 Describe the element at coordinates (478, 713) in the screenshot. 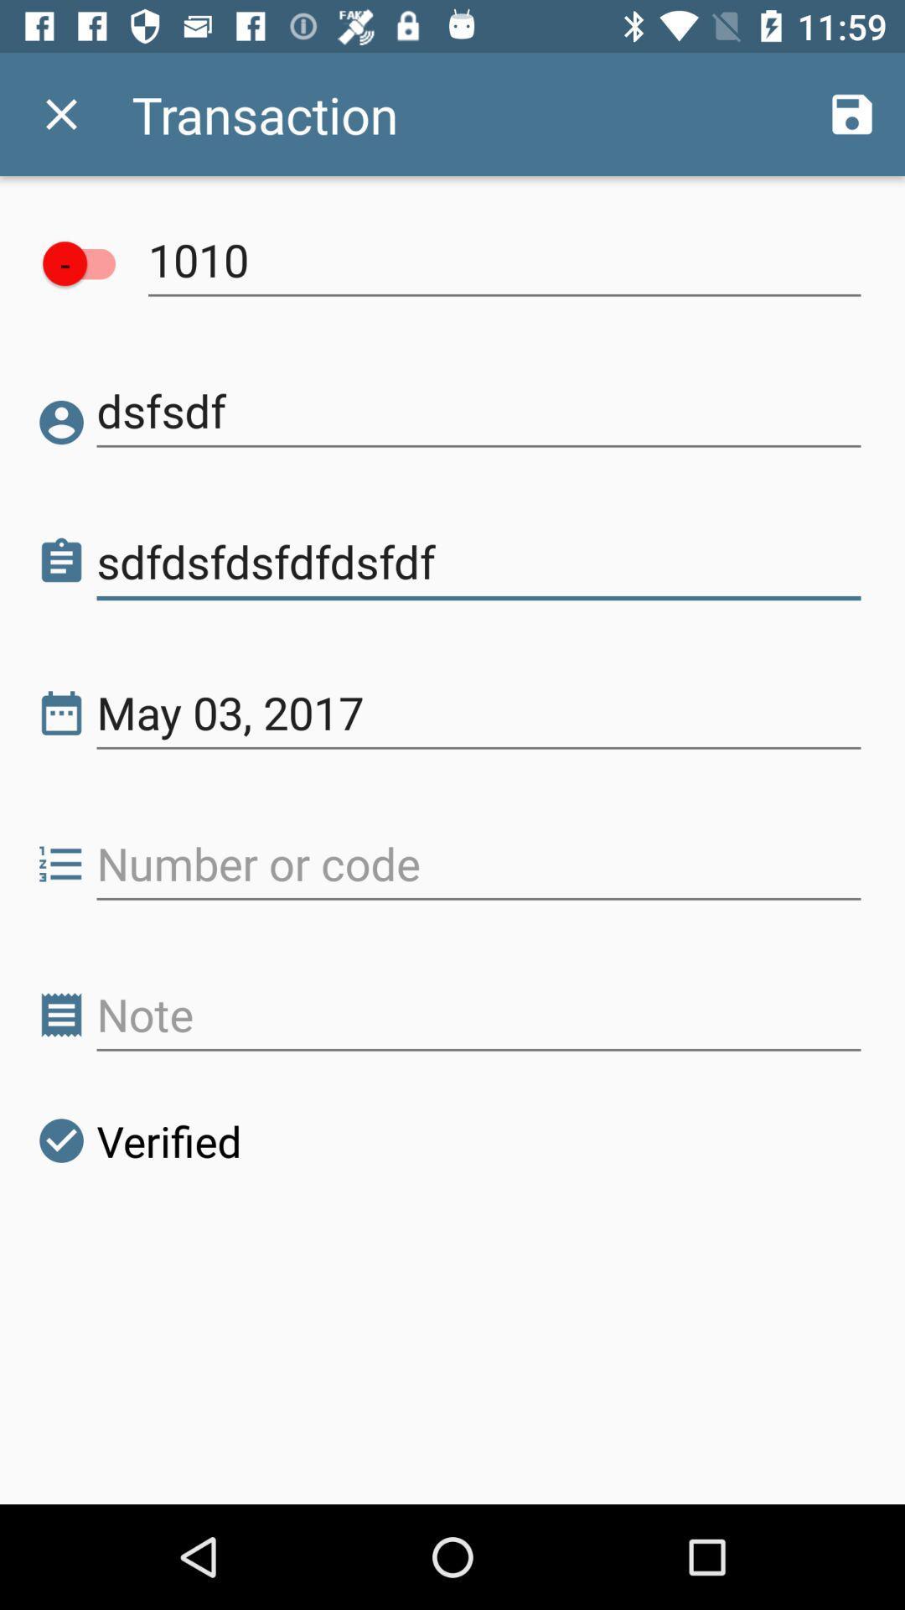

I see `the may 03, 2017` at that location.